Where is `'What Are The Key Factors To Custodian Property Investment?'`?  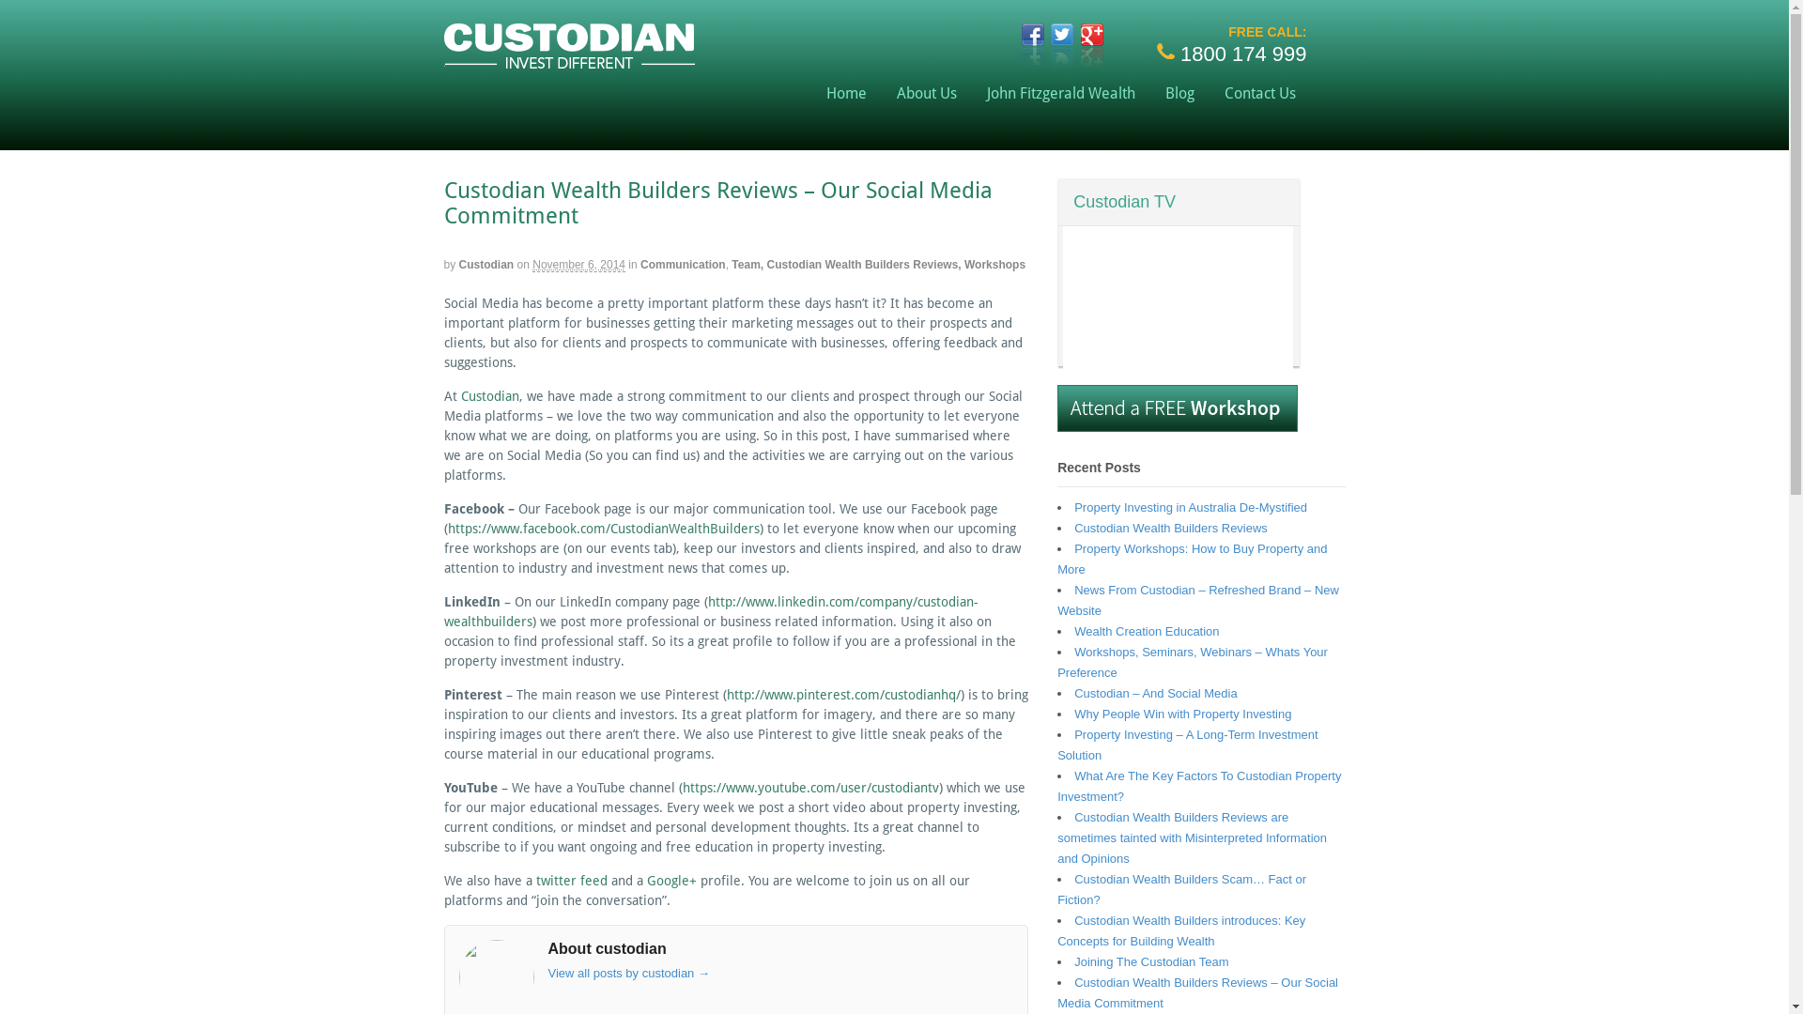
'What Are The Key Factors To Custodian Property Investment?' is located at coordinates (1197, 786).